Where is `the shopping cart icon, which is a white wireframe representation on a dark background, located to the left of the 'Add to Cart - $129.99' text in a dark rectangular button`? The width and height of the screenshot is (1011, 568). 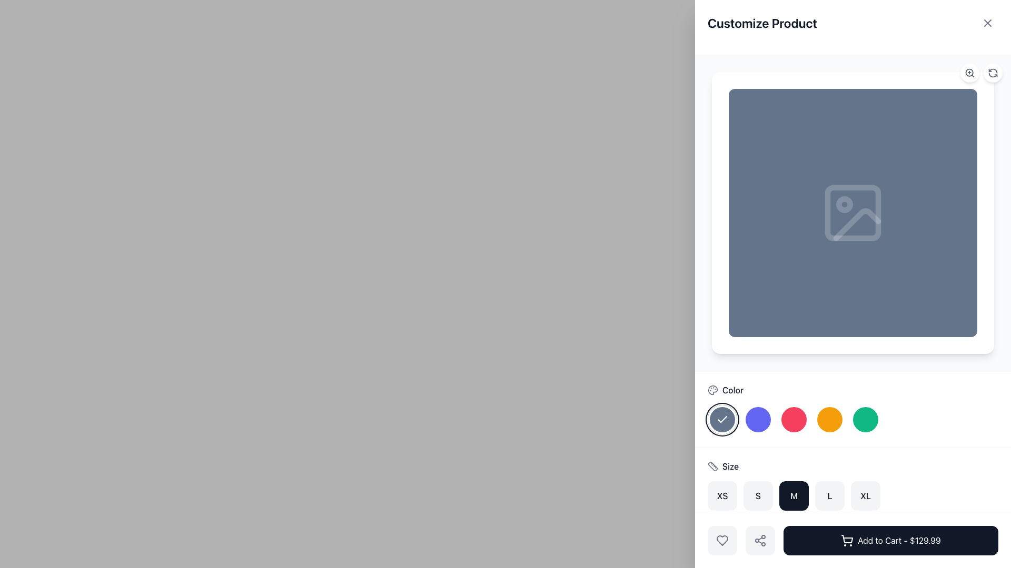
the shopping cart icon, which is a white wireframe representation on a dark background, located to the left of the 'Add to Cart - $129.99' text in a dark rectangular button is located at coordinates (847, 541).